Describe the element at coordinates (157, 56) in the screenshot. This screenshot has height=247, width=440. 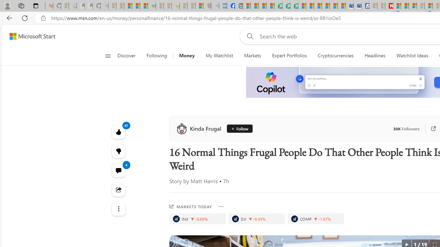
I see `'Following'` at that location.